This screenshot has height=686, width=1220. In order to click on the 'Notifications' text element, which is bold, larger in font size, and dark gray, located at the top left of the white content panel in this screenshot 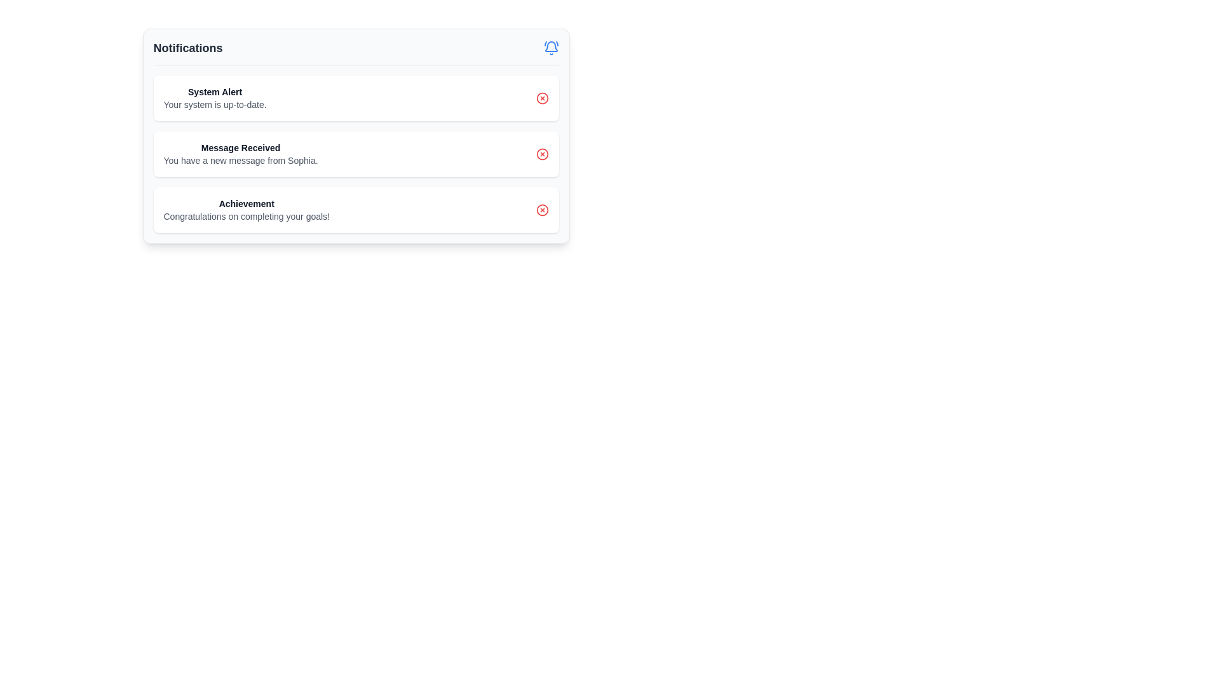, I will do `click(187, 48)`.